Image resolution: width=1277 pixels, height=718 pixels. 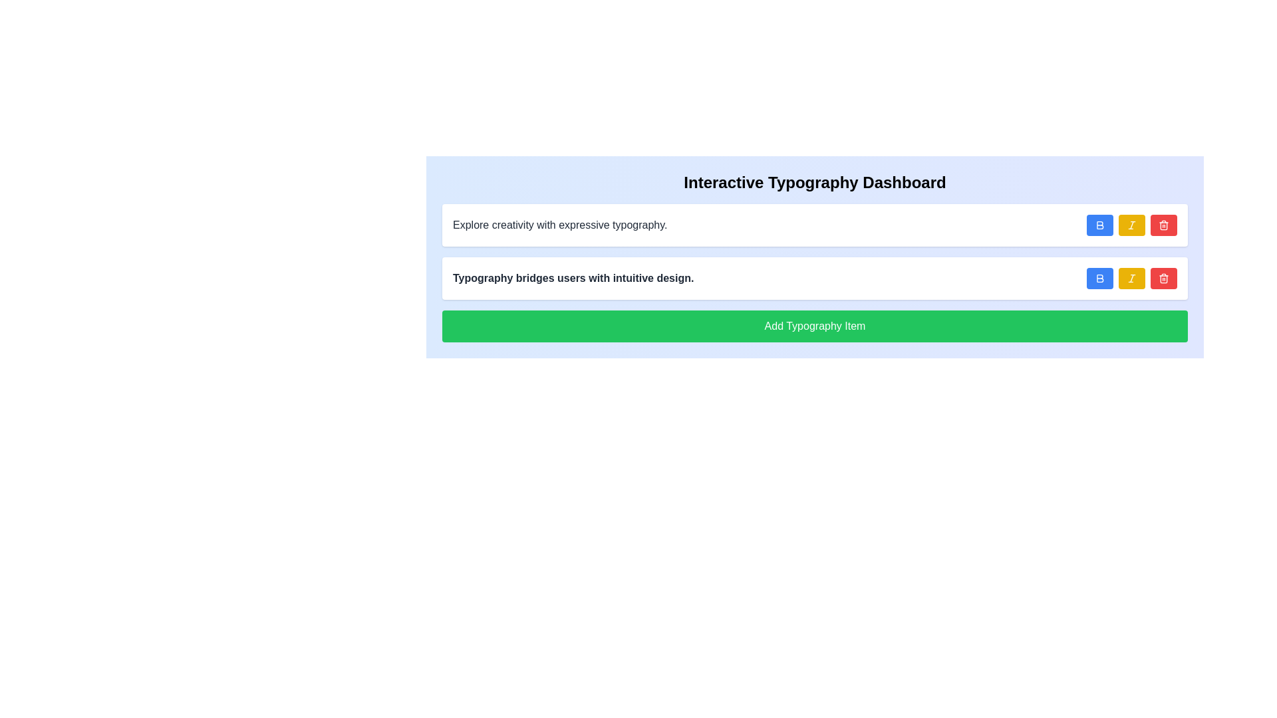 I want to click on the button located below the text 'Typography bridges users with intuitive design.', so click(x=814, y=326).